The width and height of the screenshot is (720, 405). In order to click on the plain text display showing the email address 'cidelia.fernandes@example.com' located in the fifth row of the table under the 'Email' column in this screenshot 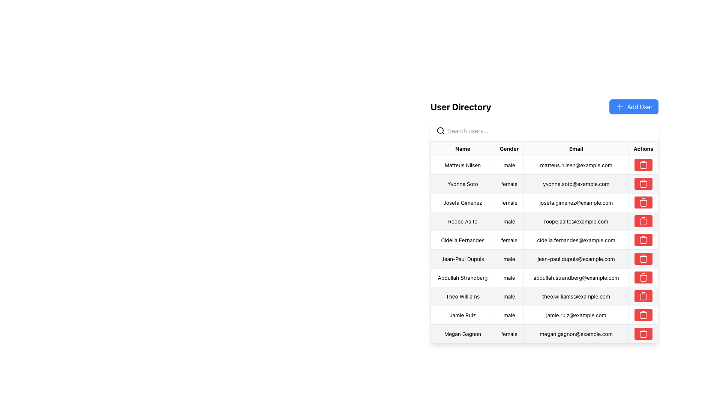, I will do `click(576, 240)`.